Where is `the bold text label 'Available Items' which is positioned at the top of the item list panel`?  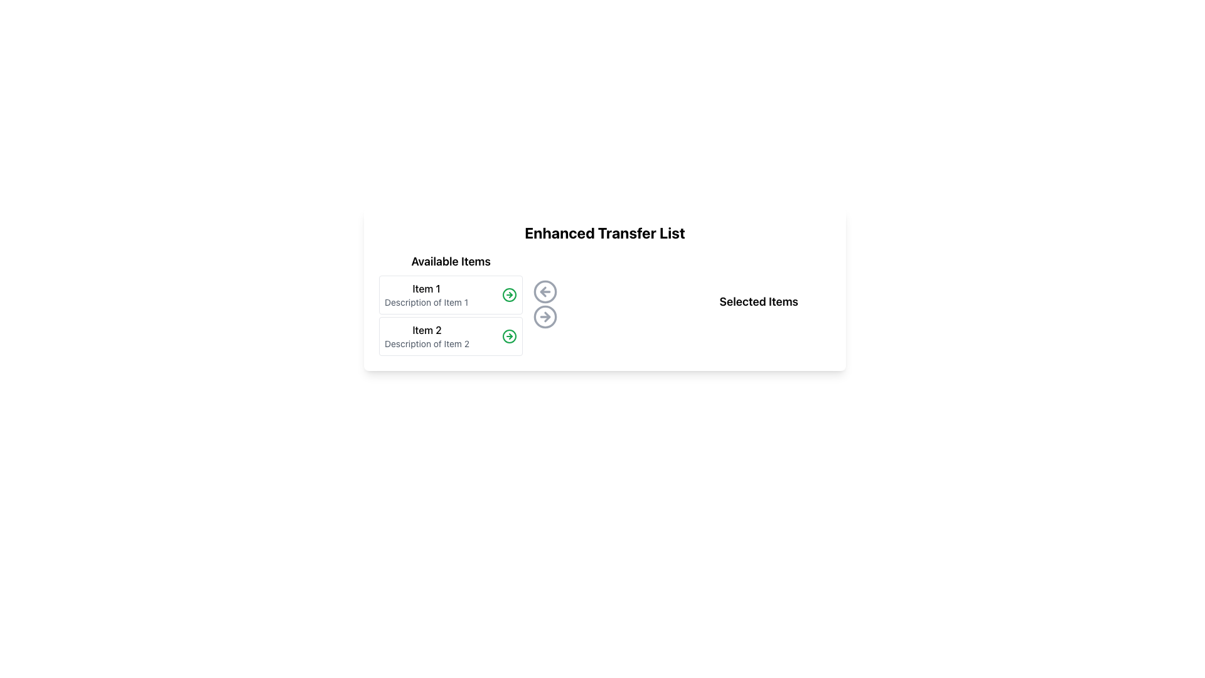 the bold text label 'Available Items' which is positioned at the top of the item list panel is located at coordinates (451, 261).